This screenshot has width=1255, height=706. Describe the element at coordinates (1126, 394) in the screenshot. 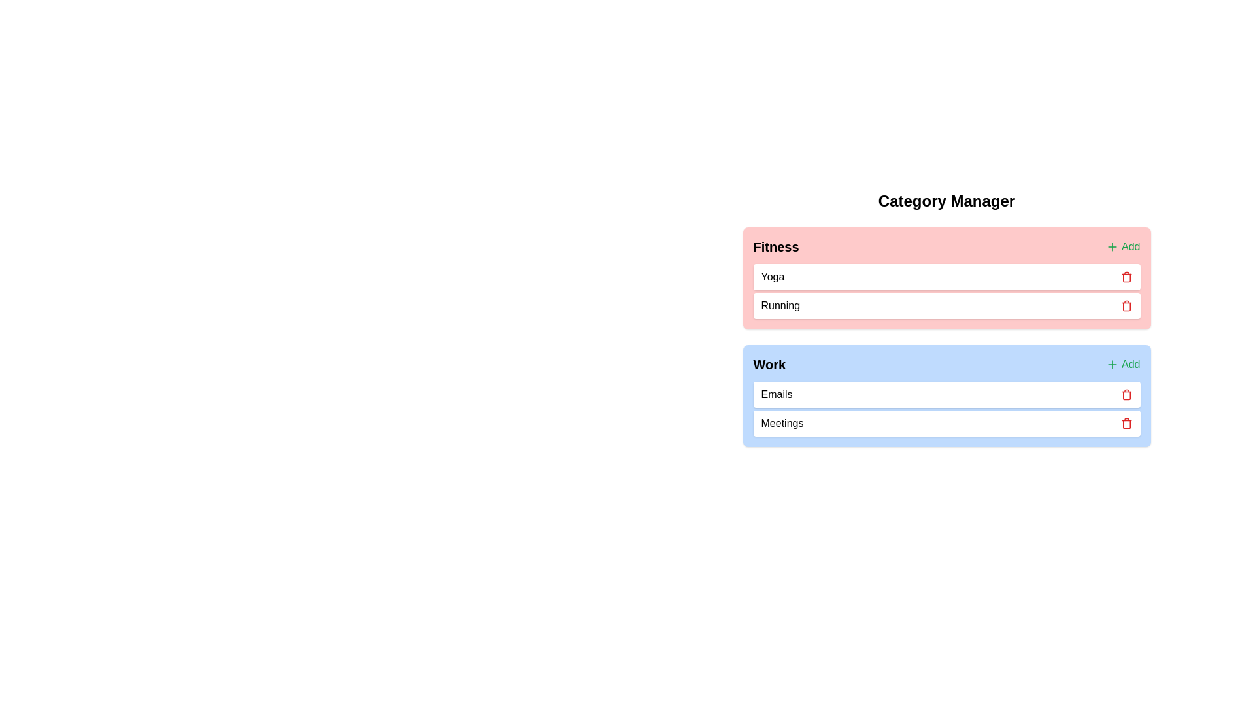

I see `trash icon next to the chip labeled Emails in the category labeled Work` at that location.